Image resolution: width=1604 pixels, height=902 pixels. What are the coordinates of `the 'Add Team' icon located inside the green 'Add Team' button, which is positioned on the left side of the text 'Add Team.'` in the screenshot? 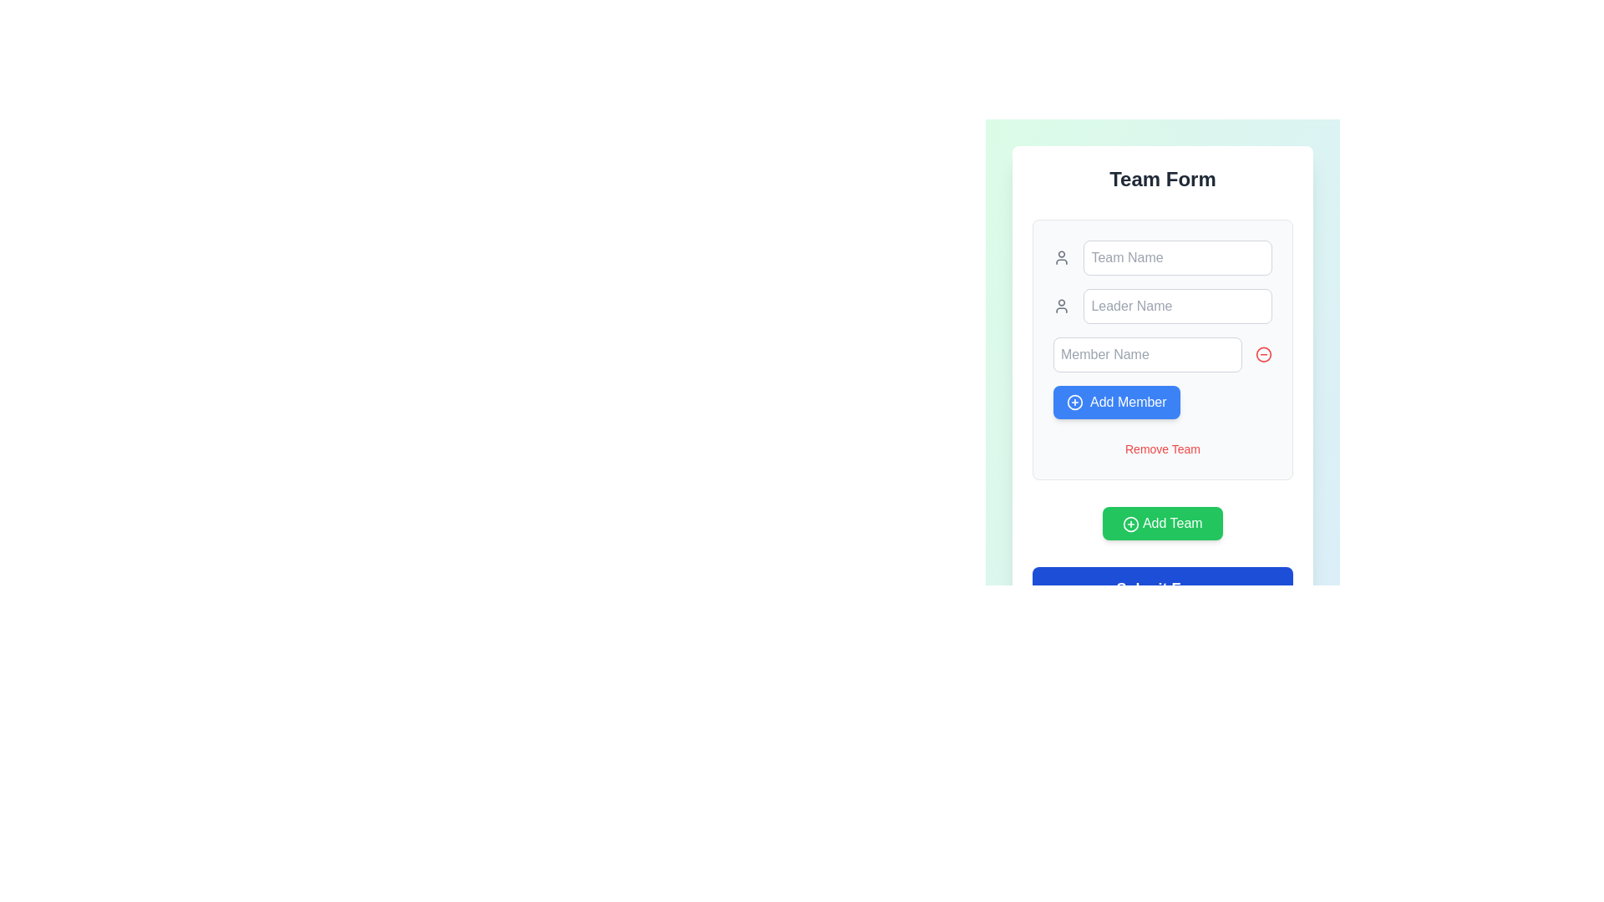 It's located at (1131, 523).